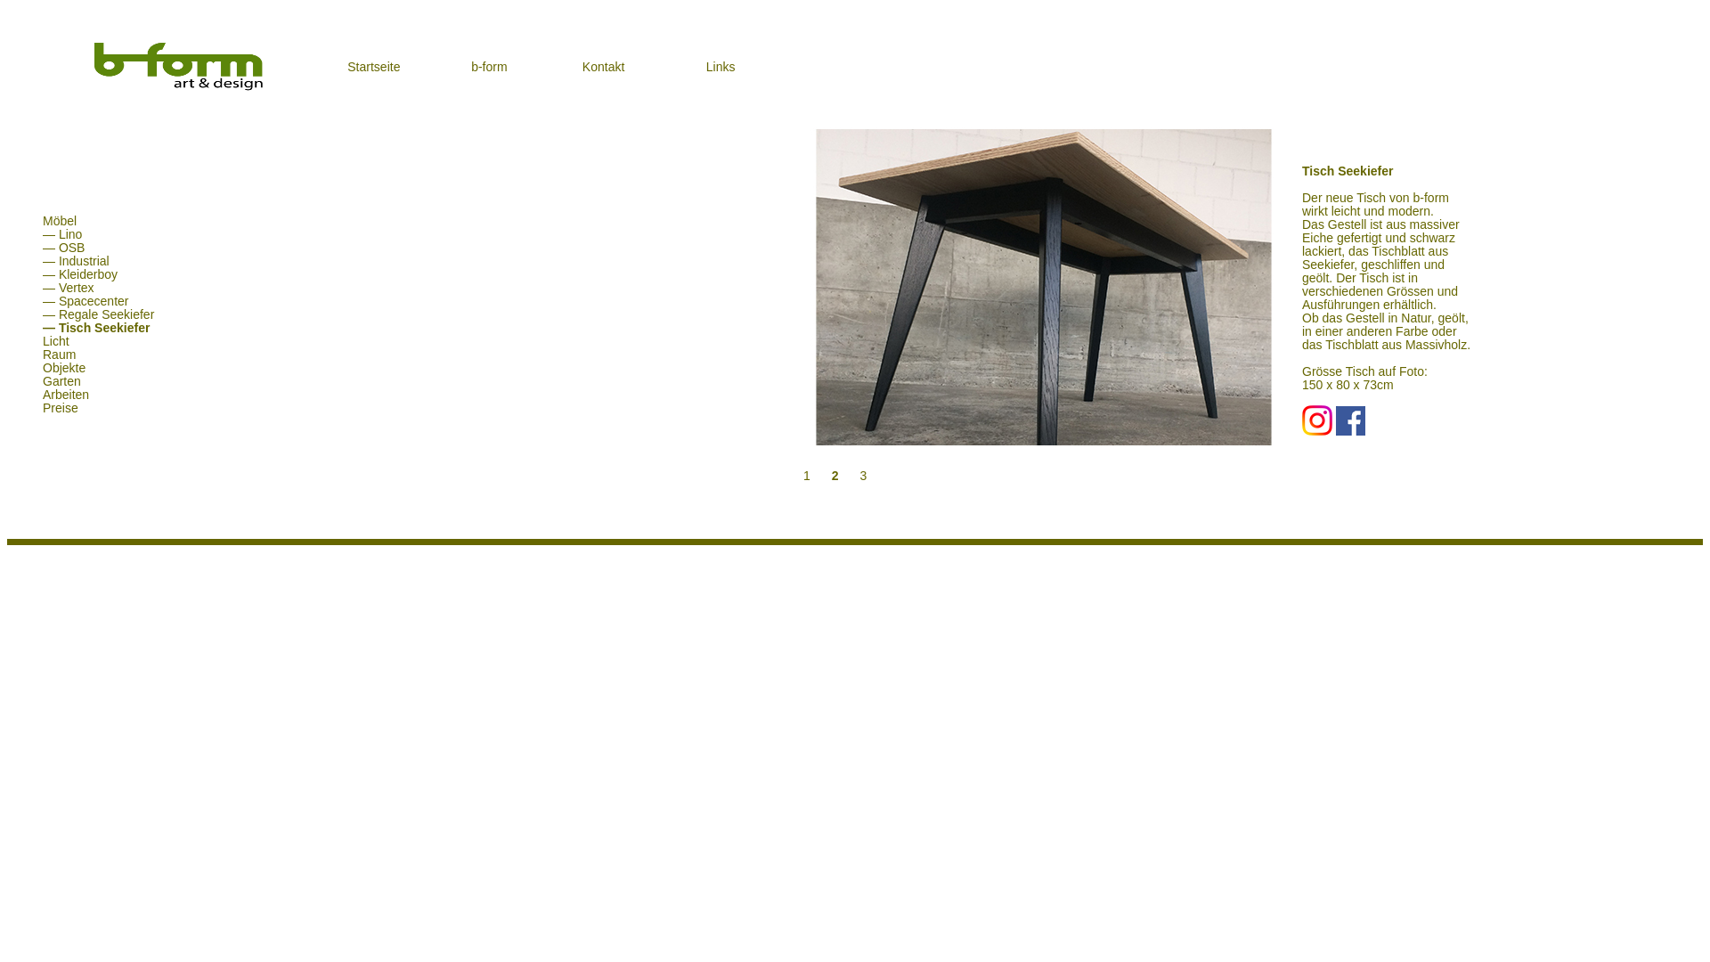 Image resolution: width=1710 pixels, height=962 pixels. Describe the element at coordinates (46, 340) in the screenshot. I see `'Licht'` at that location.